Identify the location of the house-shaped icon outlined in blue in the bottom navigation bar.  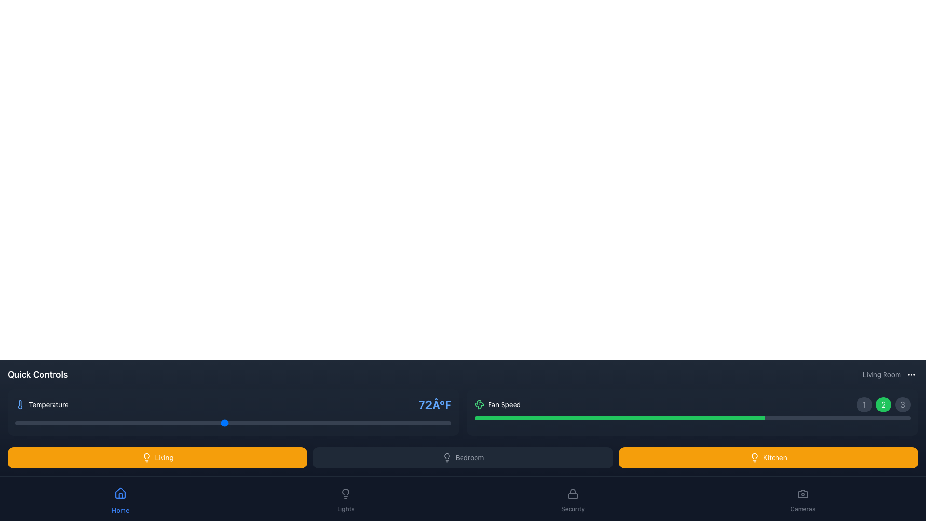
(120, 493).